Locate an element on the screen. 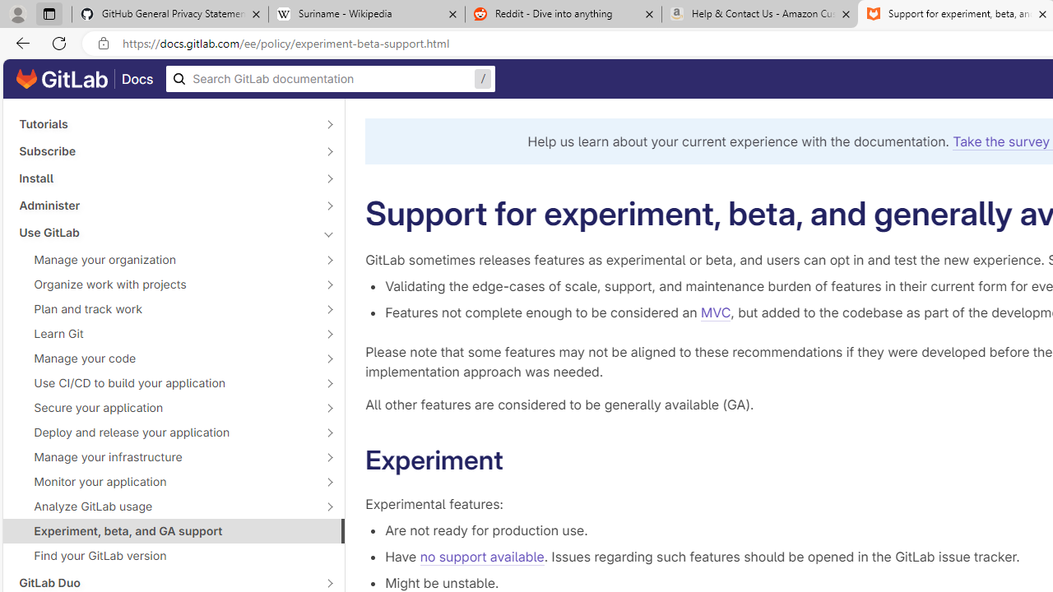 Image resolution: width=1053 pixels, height=592 pixels. 'Learn Git' is located at coordinates (165, 333).